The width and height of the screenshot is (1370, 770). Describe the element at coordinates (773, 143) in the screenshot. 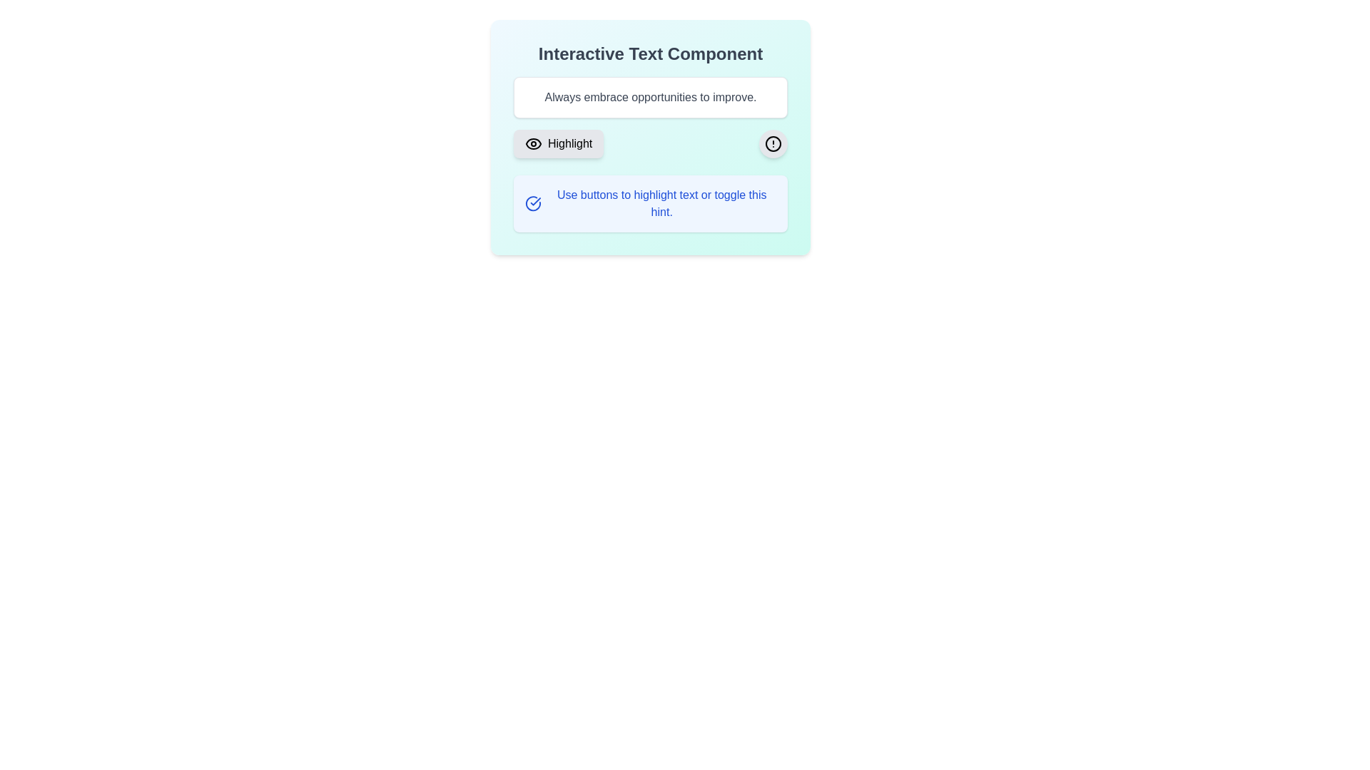

I see `the alert button located in the top-right corner of the 'Highlight' label button` at that location.